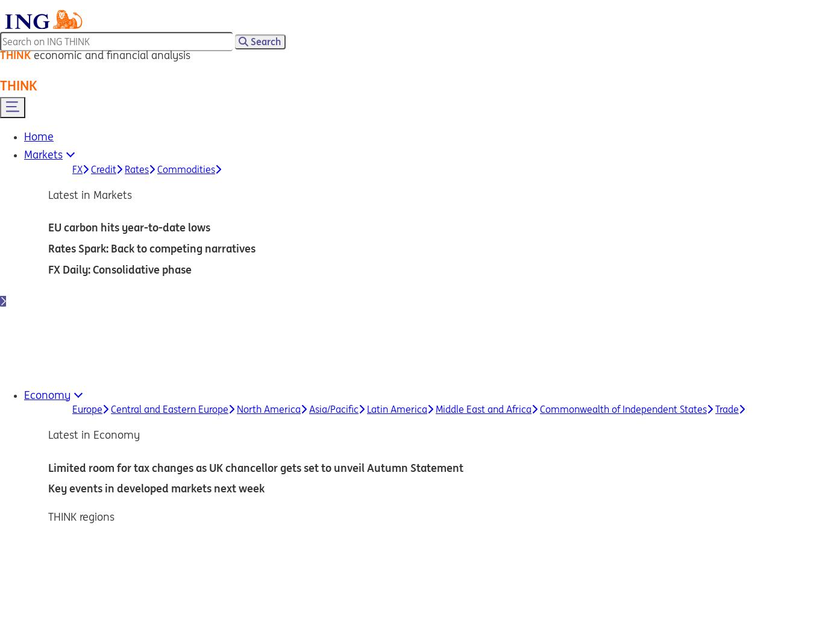  What do you see at coordinates (46, 394) in the screenshot?
I see `'Economy'` at bounding box center [46, 394].